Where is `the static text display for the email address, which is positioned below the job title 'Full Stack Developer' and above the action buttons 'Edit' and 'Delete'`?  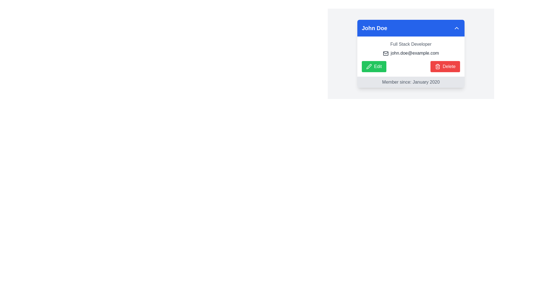 the static text display for the email address, which is positioned below the job title 'Full Stack Developer' and above the action buttons 'Edit' and 'Delete' is located at coordinates (411, 53).